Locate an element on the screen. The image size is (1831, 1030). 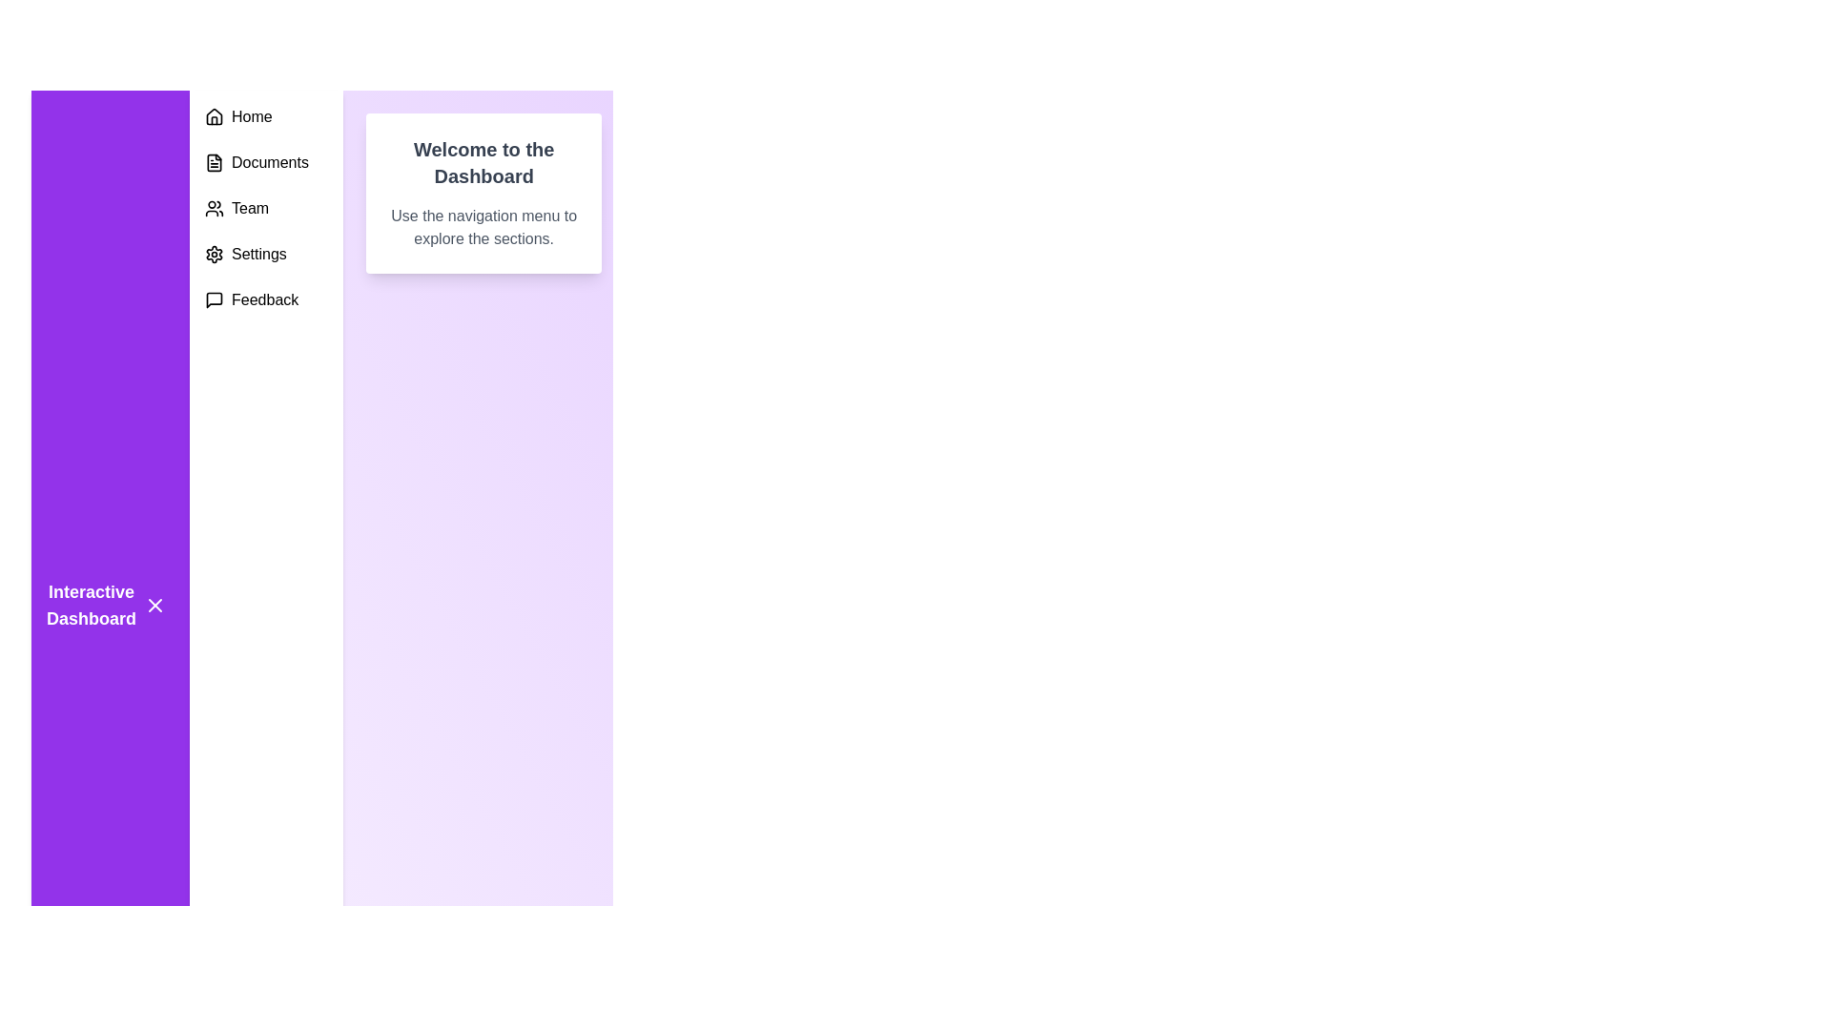
the 'Documents' navigation menu item located in the left navigation bar, positioned directly beneath 'Home' and above 'Team' is located at coordinates (265, 161).